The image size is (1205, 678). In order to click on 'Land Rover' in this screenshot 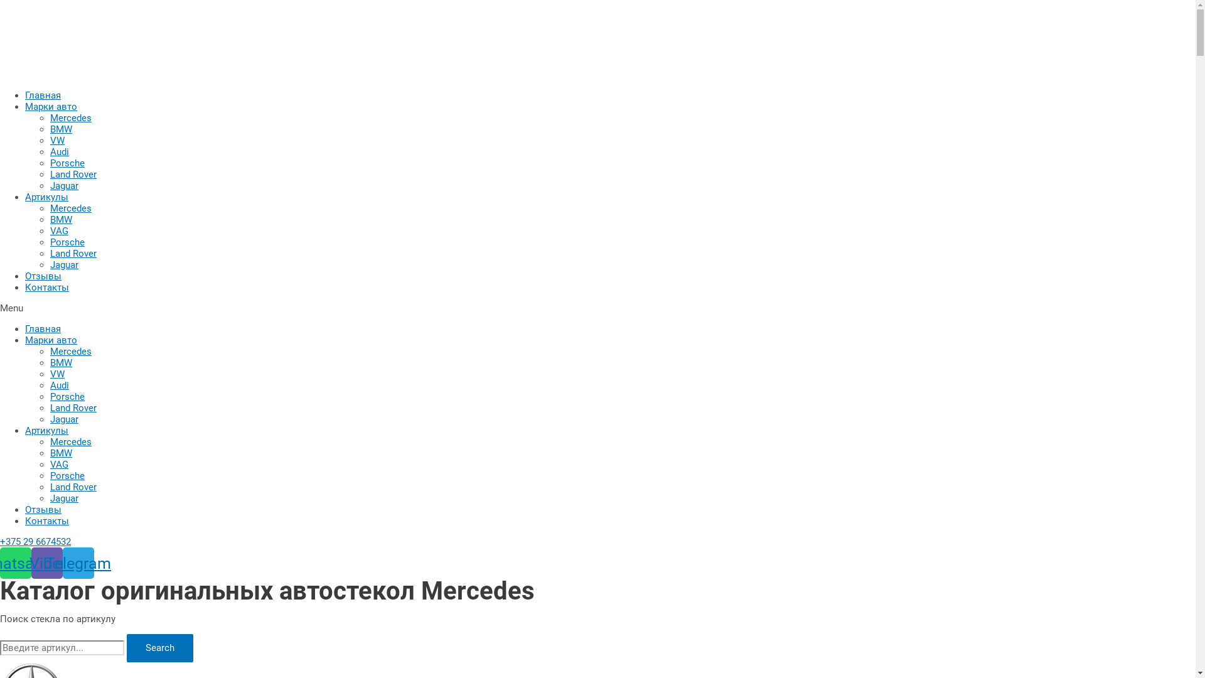, I will do `click(72, 254)`.